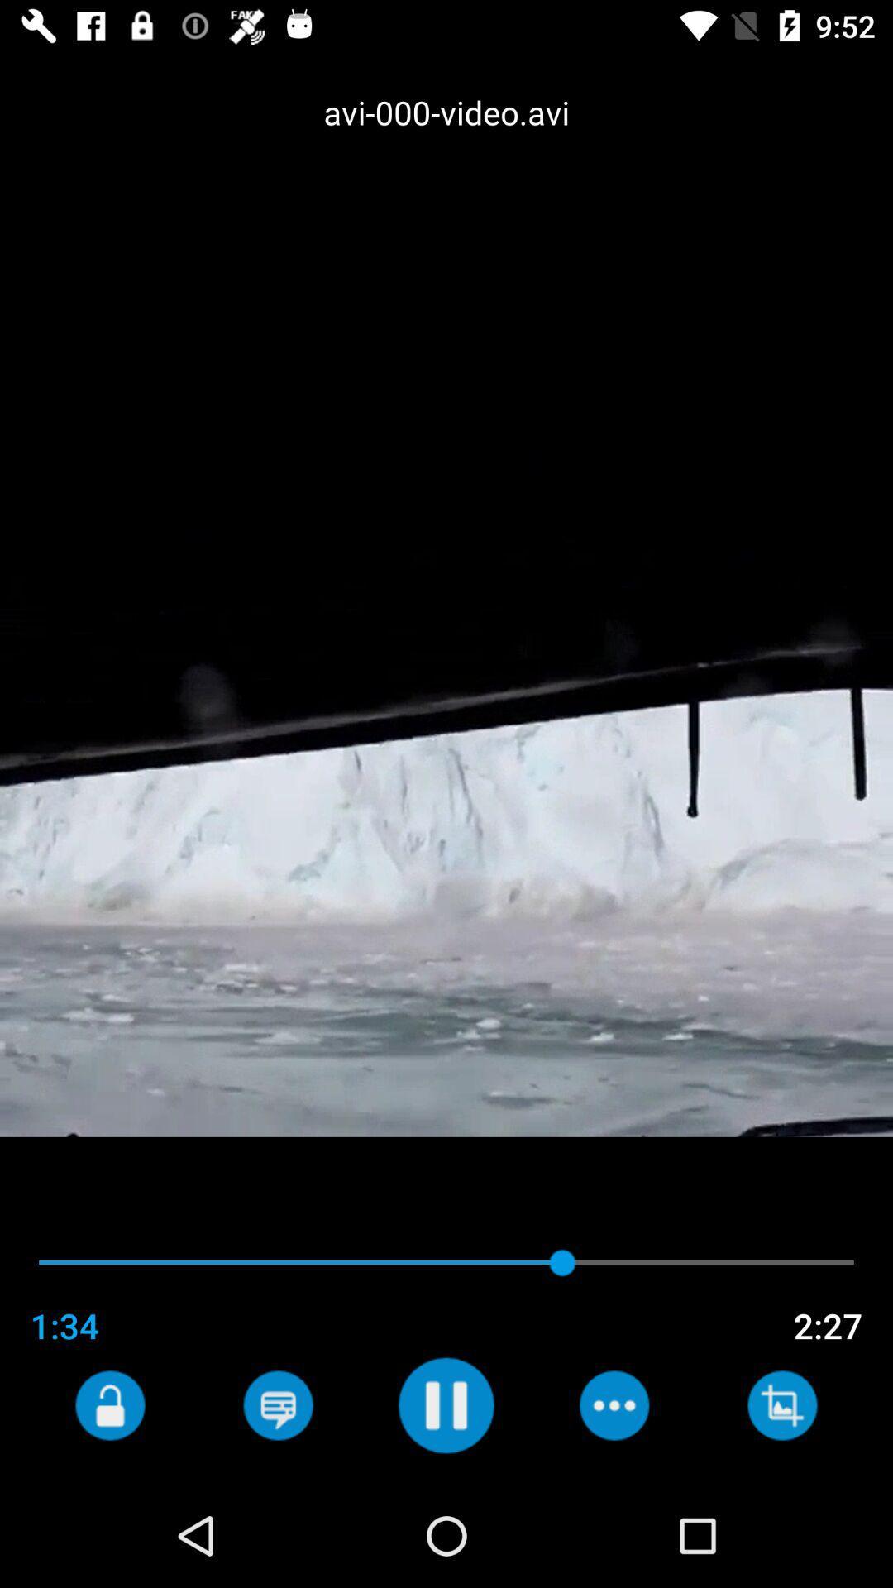 This screenshot has height=1588, width=893. What do you see at coordinates (781, 1404) in the screenshot?
I see `crop the image` at bounding box center [781, 1404].